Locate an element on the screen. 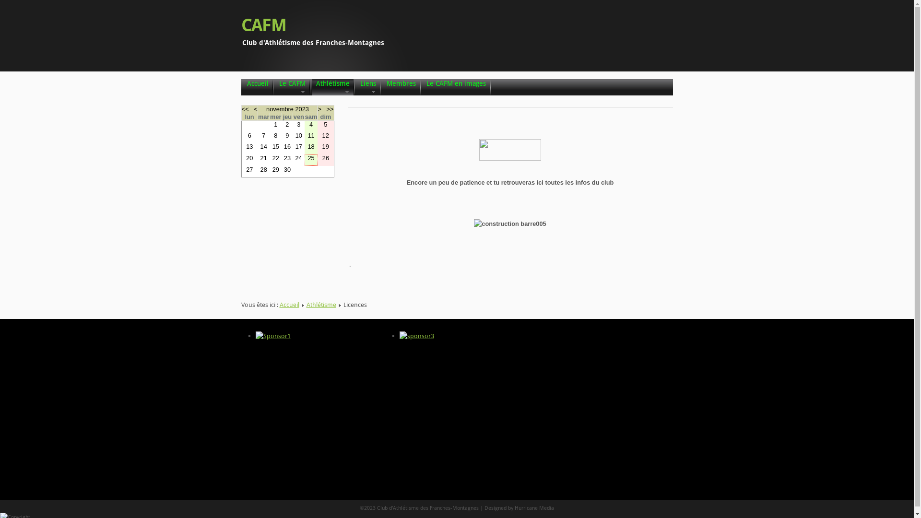 The image size is (921, 518). 'Le CAFM' is located at coordinates (278, 87).